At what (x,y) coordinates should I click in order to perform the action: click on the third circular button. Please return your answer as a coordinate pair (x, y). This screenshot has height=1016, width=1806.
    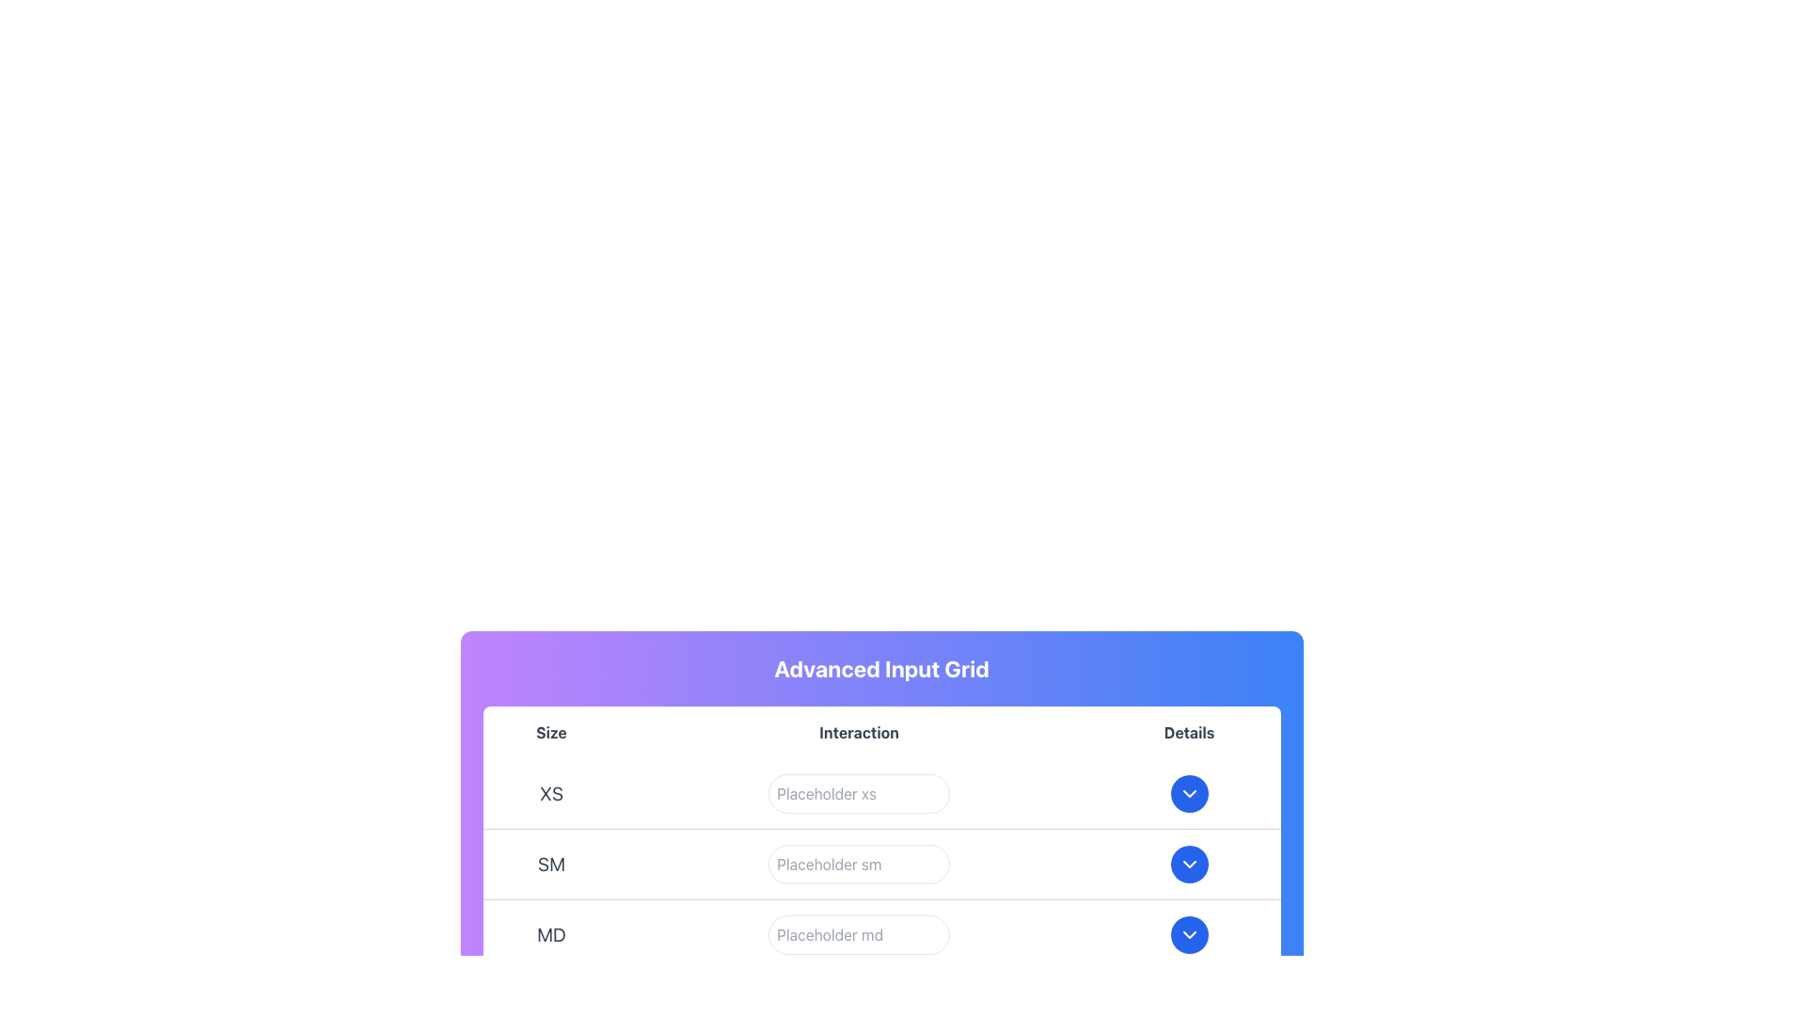
    Looking at the image, I should click on (1187, 935).